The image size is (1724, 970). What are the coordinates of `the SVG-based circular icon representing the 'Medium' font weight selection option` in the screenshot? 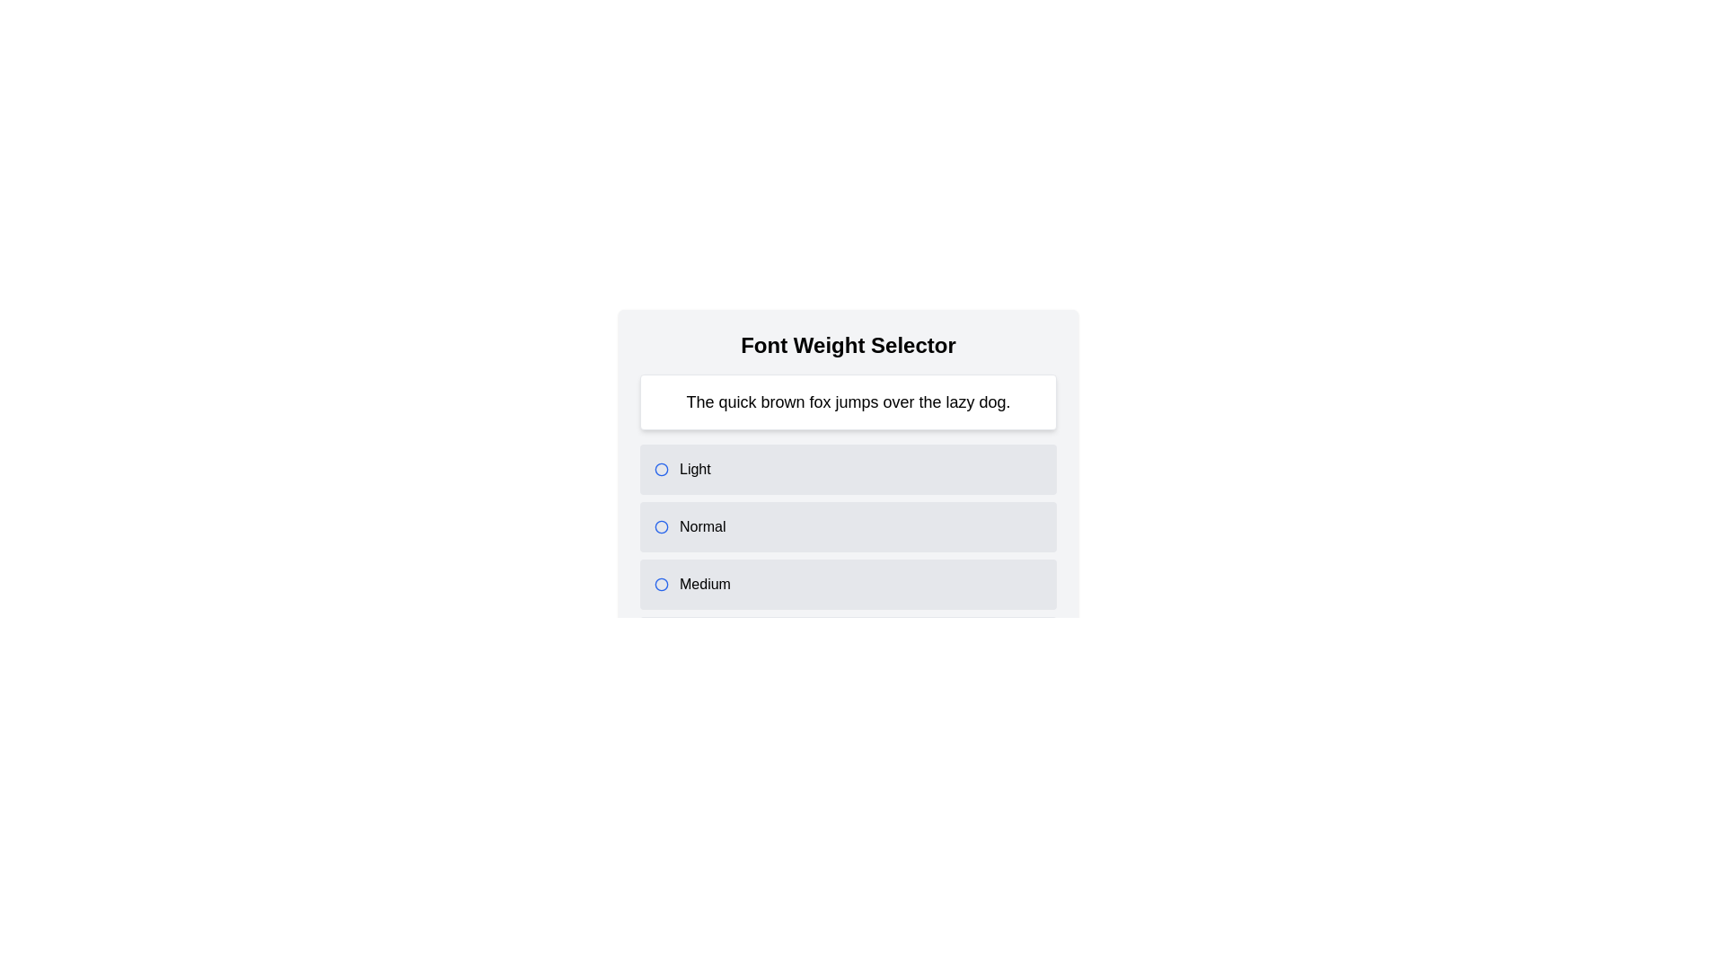 It's located at (661, 585).